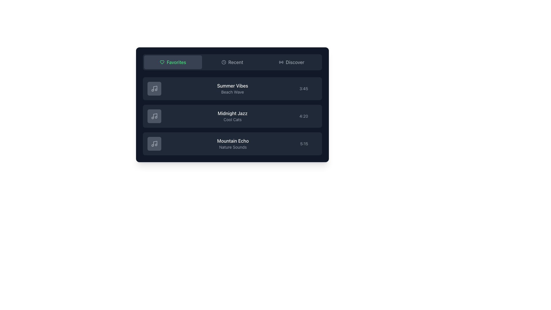 This screenshot has width=551, height=310. I want to click on the design and placement context of the outermost arc element located on the right side of the interface's header, so click(283, 62).